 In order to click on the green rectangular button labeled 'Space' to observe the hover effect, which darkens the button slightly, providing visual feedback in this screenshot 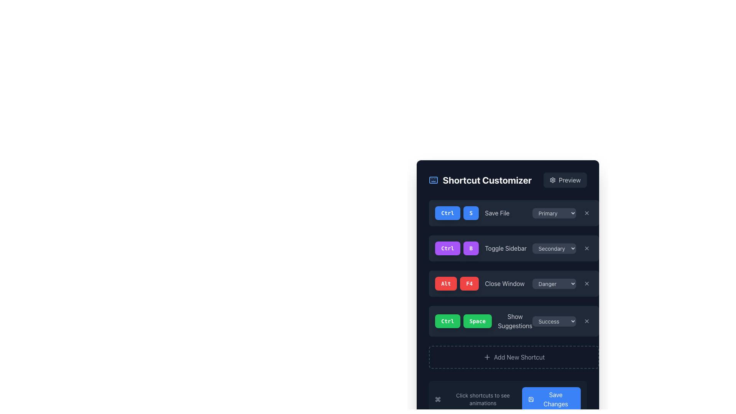, I will do `click(477, 321)`.